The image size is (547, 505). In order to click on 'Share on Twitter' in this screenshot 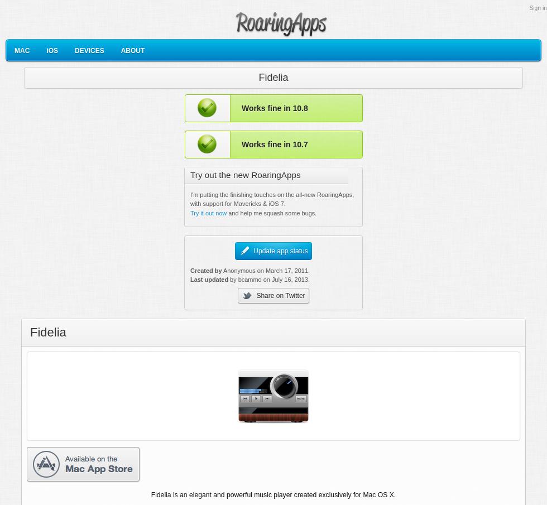, I will do `click(280, 294)`.